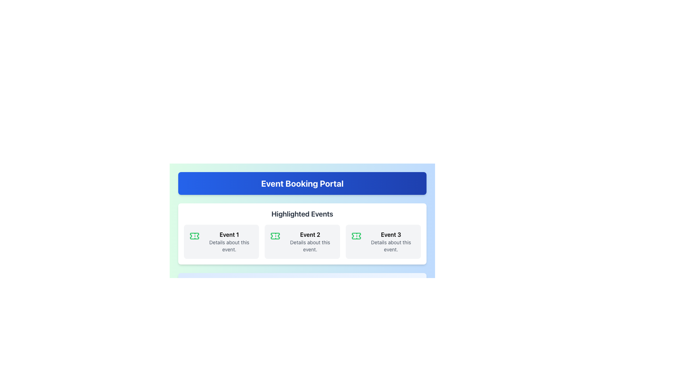 The height and width of the screenshot is (384, 683). Describe the element at coordinates (310, 245) in the screenshot. I see `the static text label providing information about 'Event 2' located in the central panel under 'Highlighted Events'` at that location.